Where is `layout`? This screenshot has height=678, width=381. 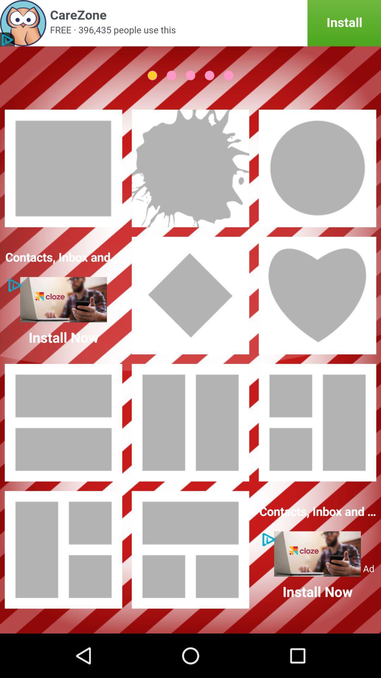
layout is located at coordinates (317, 295).